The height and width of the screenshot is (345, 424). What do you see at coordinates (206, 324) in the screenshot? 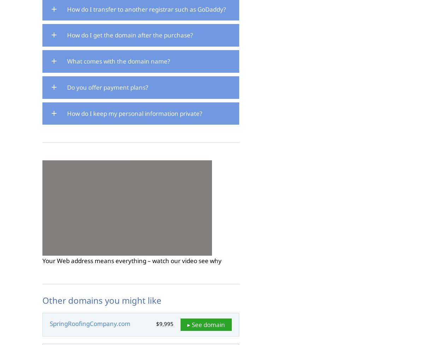
I see `'▸ See domain'` at bounding box center [206, 324].